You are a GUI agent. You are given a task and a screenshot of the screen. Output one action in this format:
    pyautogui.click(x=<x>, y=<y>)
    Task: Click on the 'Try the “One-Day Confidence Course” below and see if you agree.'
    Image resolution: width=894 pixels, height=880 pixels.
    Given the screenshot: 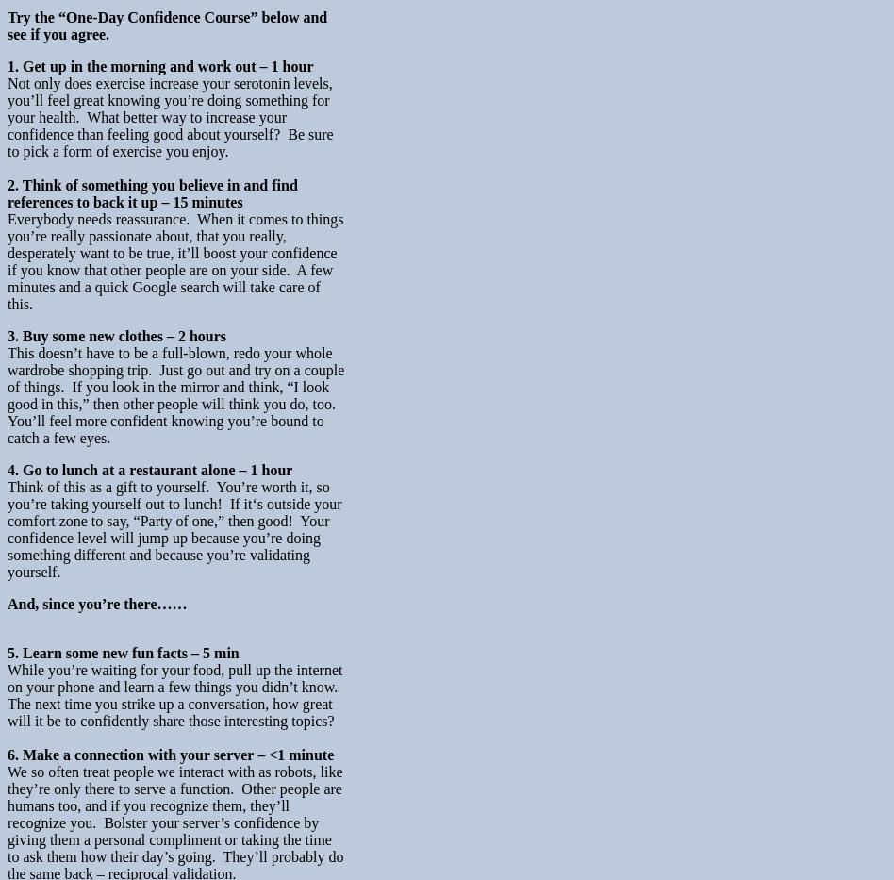 What is the action you would take?
    pyautogui.click(x=166, y=24)
    